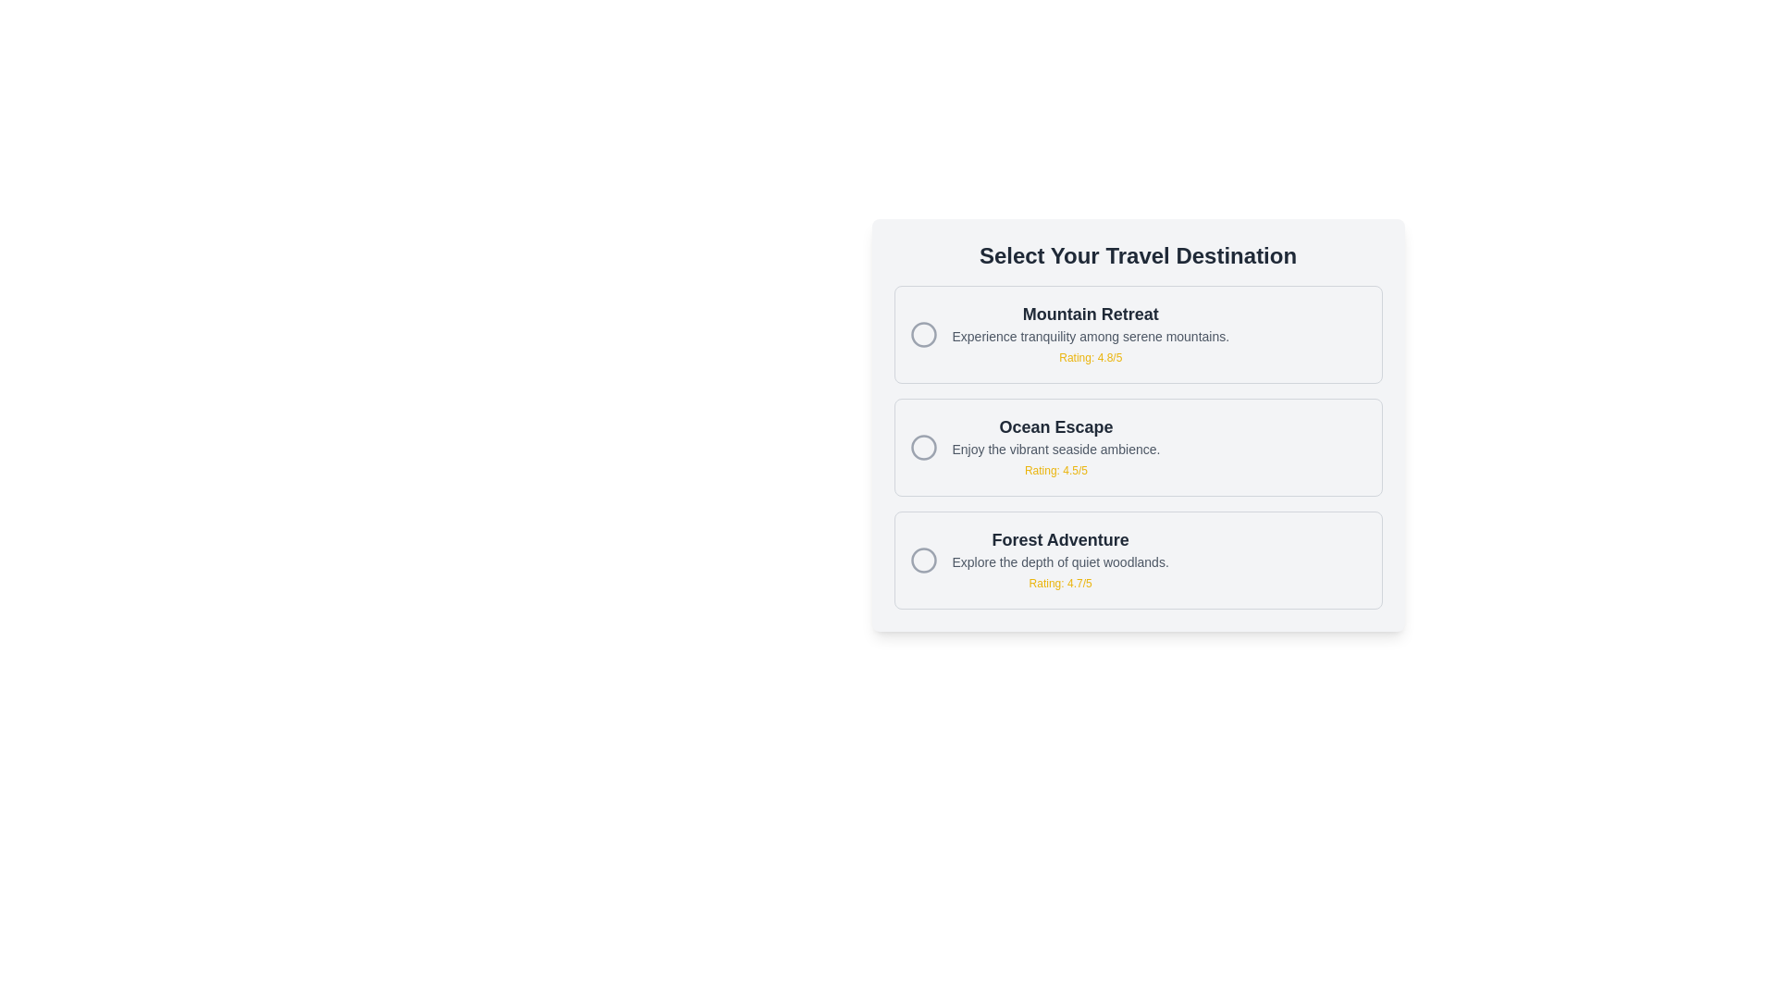 Image resolution: width=1776 pixels, height=999 pixels. Describe the element at coordinates (923, 559) in the screenshot. I see `the radio button for the 'Forest Adventure' travel option, which is the circle icon located at the leftmost side of the third row of selectable travel destinations` at that location.